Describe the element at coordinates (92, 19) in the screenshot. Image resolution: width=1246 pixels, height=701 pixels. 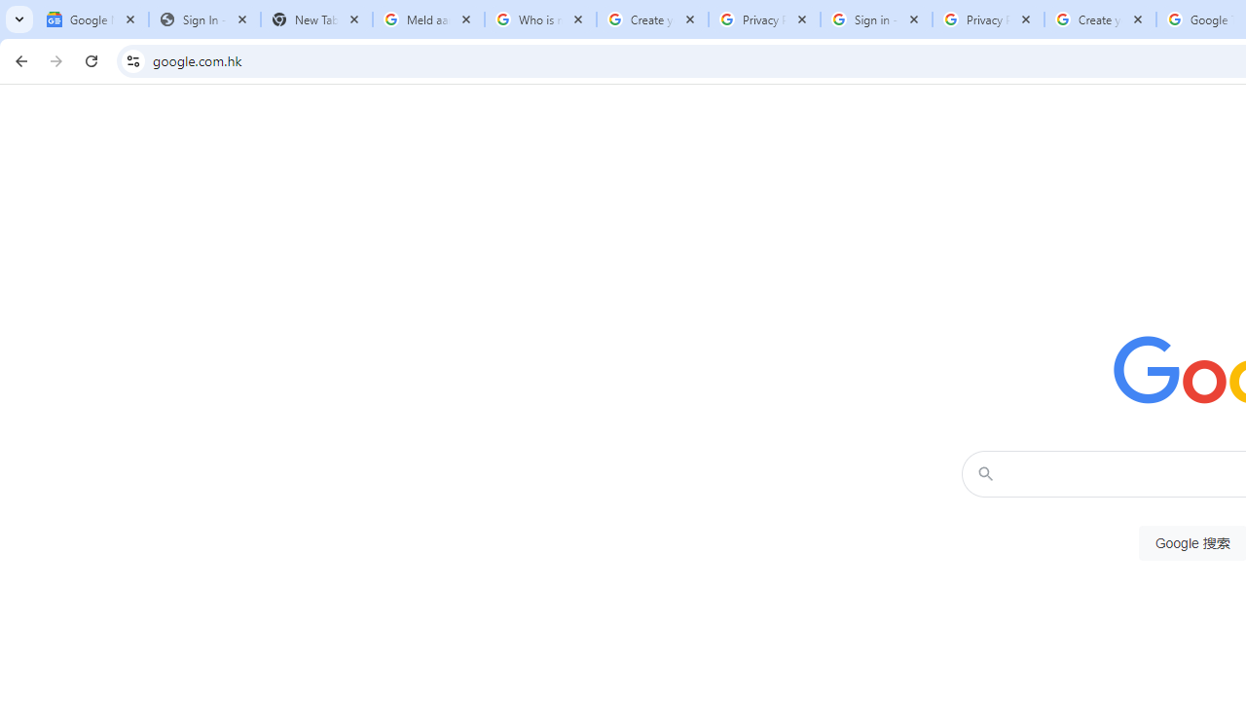
I see `'Google News'` at that location.